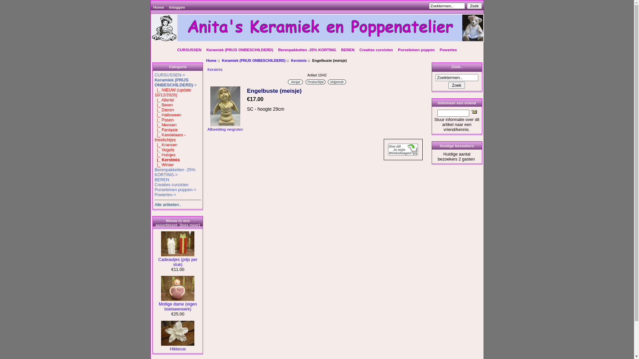 The image size is (639, 359). I want to click on '  |_ NIEUW (update 10/12/2020)', so click(172, 92).